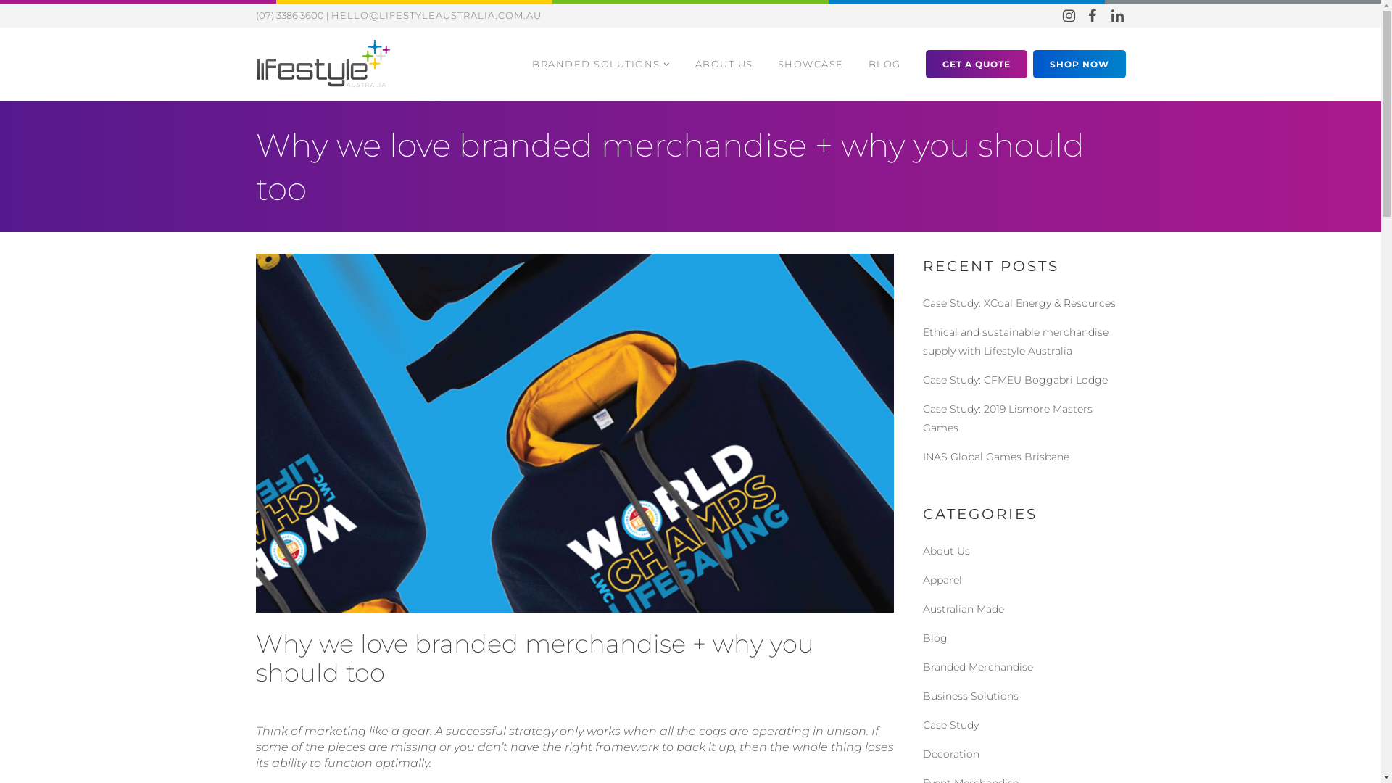 The height and width of the screenshot is (783, 1392). Describe the element at coordinates (975, 62) in the screenshot. I see `'GET A QUOTE'` at that location.